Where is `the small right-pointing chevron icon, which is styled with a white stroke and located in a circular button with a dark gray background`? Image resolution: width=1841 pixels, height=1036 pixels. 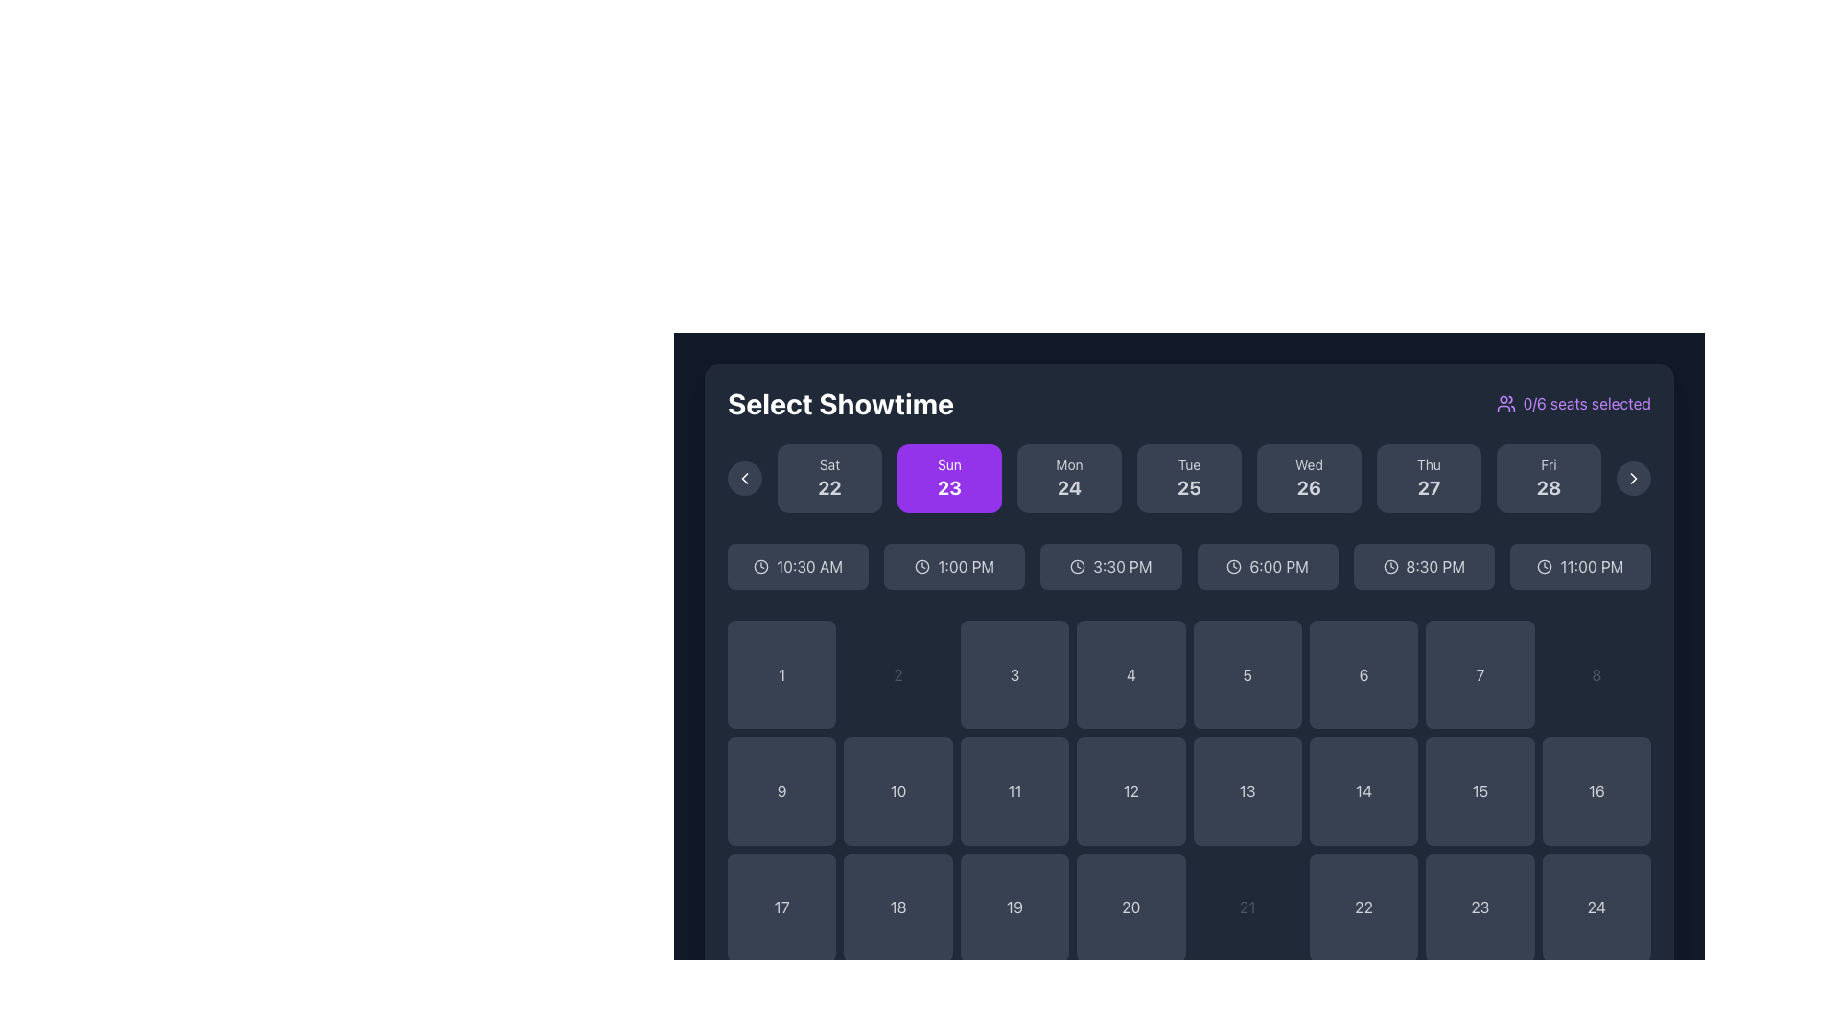
the small right-pointing chevron icon, which is styled with a white stroke and located in a circular button with a dark gray background is located at coordinates (1633, 477).